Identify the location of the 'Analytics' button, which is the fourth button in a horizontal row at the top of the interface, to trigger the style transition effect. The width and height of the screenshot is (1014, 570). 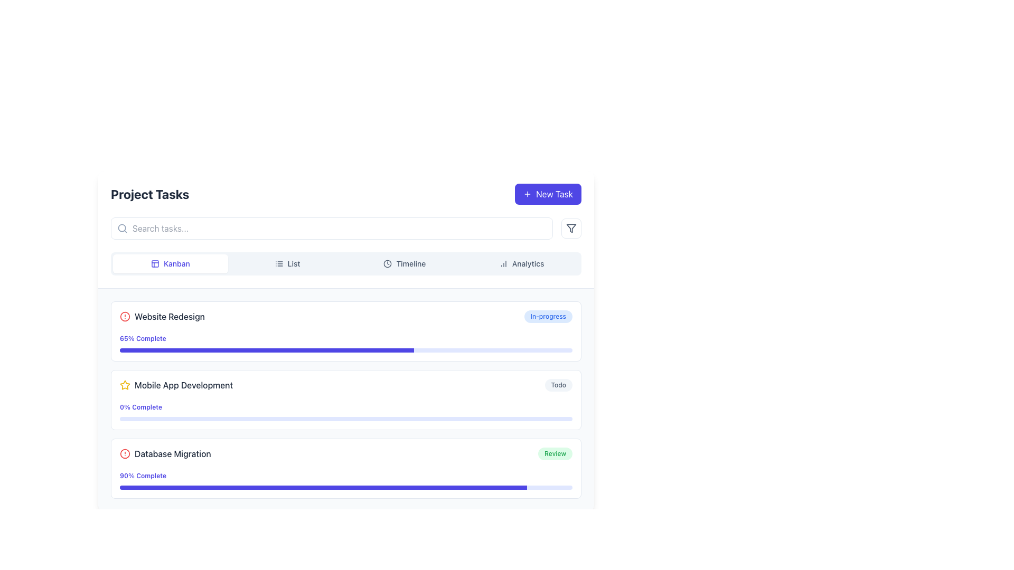
(522, 263).